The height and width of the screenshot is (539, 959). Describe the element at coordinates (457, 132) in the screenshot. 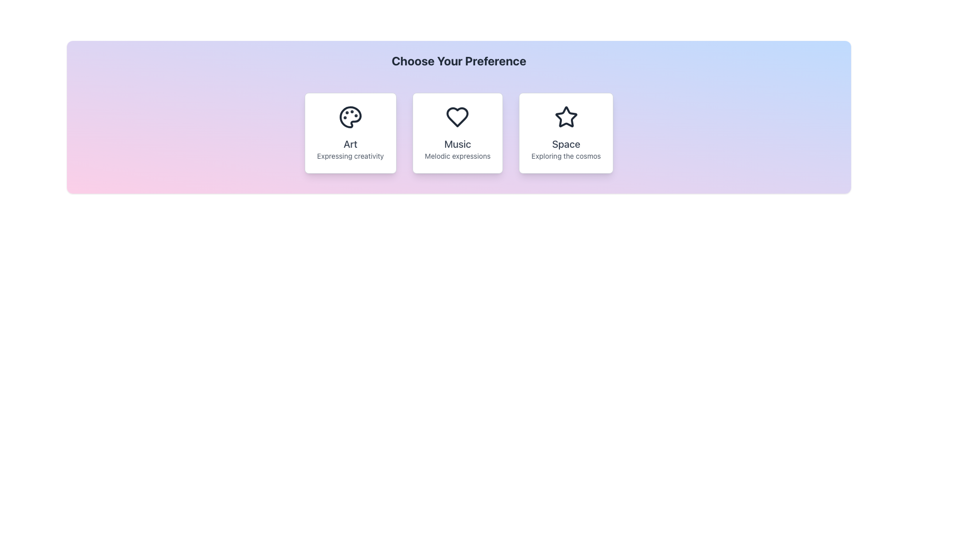

I see `the second card radio input labeled 'Music'` at that location.